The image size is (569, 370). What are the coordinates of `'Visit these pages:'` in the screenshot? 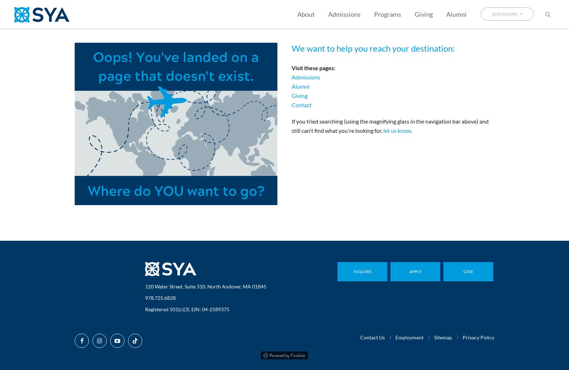 It's located at (313, 68).